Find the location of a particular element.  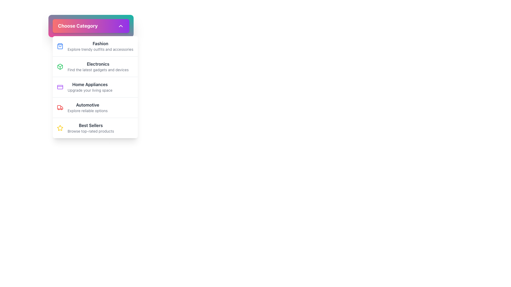

the non-interactive text label providing additional information about the 'Fashion' category, located below the 'Fashion' text in the 'Choose Category' dropdown menu is located at coordinates (100, 49).